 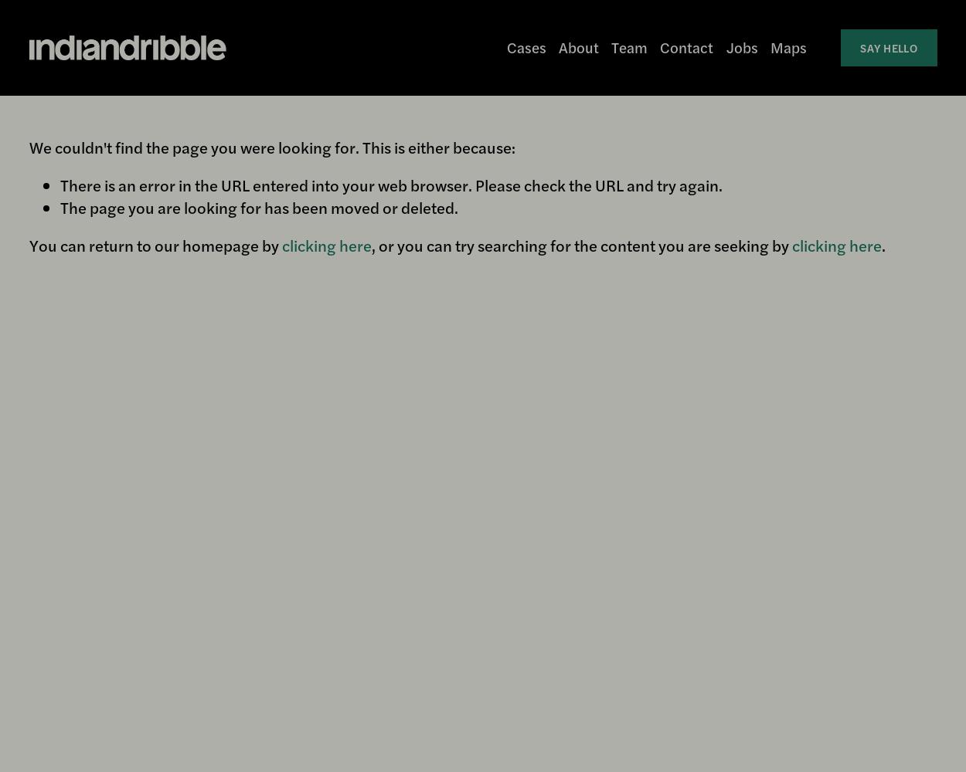 I want to click on ', or you can try searching for the
  content you are seeking by', so click(x=581, y=244).